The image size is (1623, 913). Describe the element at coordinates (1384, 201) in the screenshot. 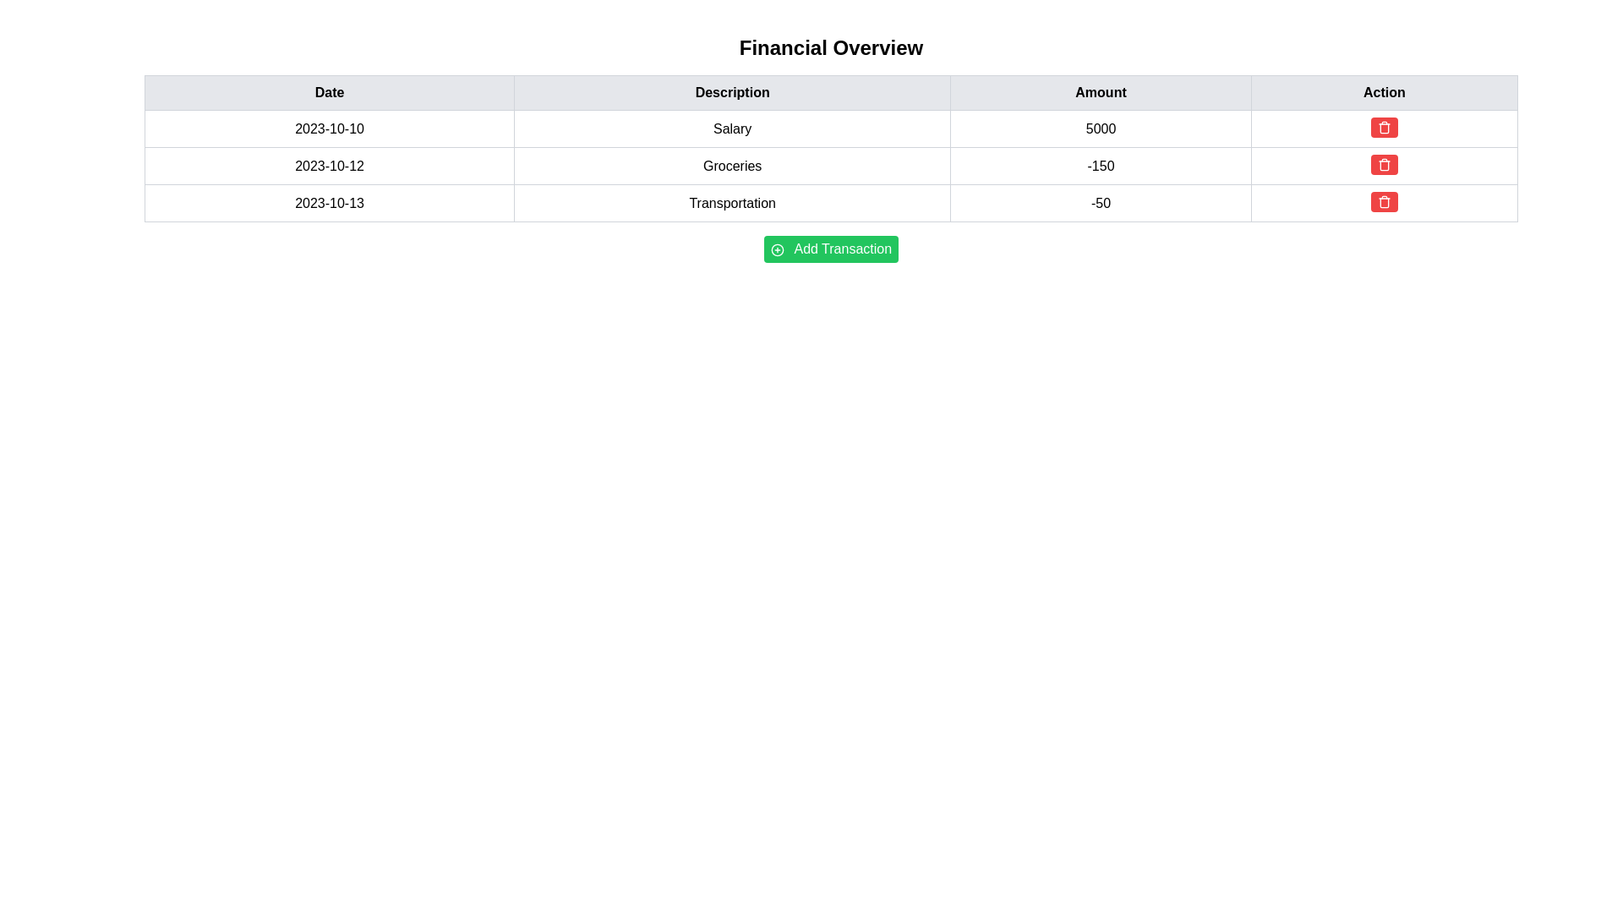

I see `the red rounded button with a white trash can icon located in the 'Action' column corresponding to the 'Transportation' row` at that location.